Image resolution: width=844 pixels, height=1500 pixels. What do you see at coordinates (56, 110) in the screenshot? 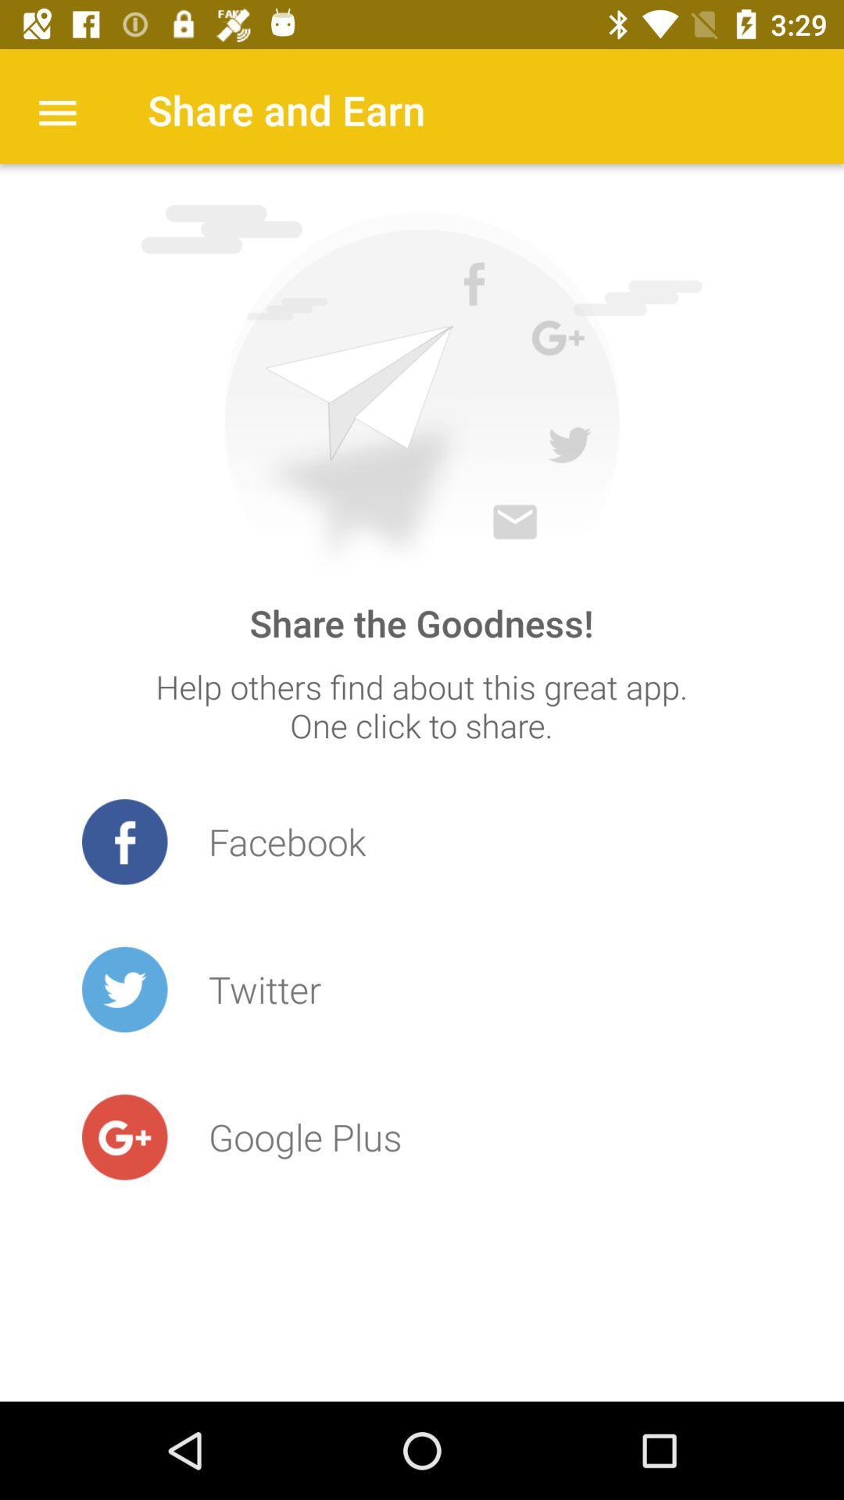
I see `item next to share and earn icon` at bounding box center [56, 110].